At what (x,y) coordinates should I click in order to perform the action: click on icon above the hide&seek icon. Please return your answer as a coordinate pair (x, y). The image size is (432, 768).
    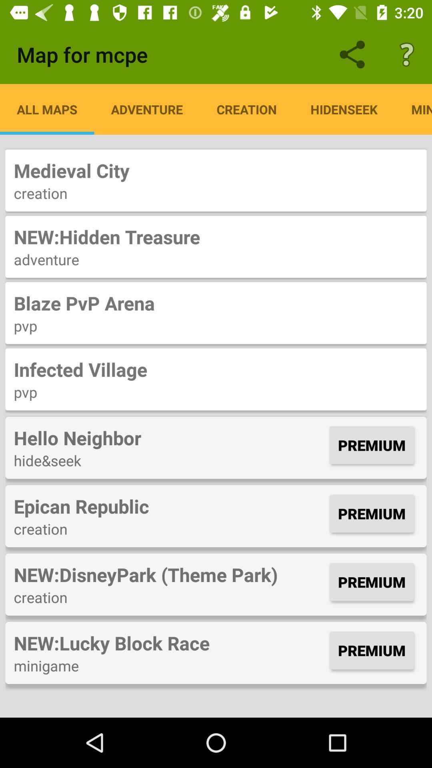
    Looking at the image, I should click on (169, 437).